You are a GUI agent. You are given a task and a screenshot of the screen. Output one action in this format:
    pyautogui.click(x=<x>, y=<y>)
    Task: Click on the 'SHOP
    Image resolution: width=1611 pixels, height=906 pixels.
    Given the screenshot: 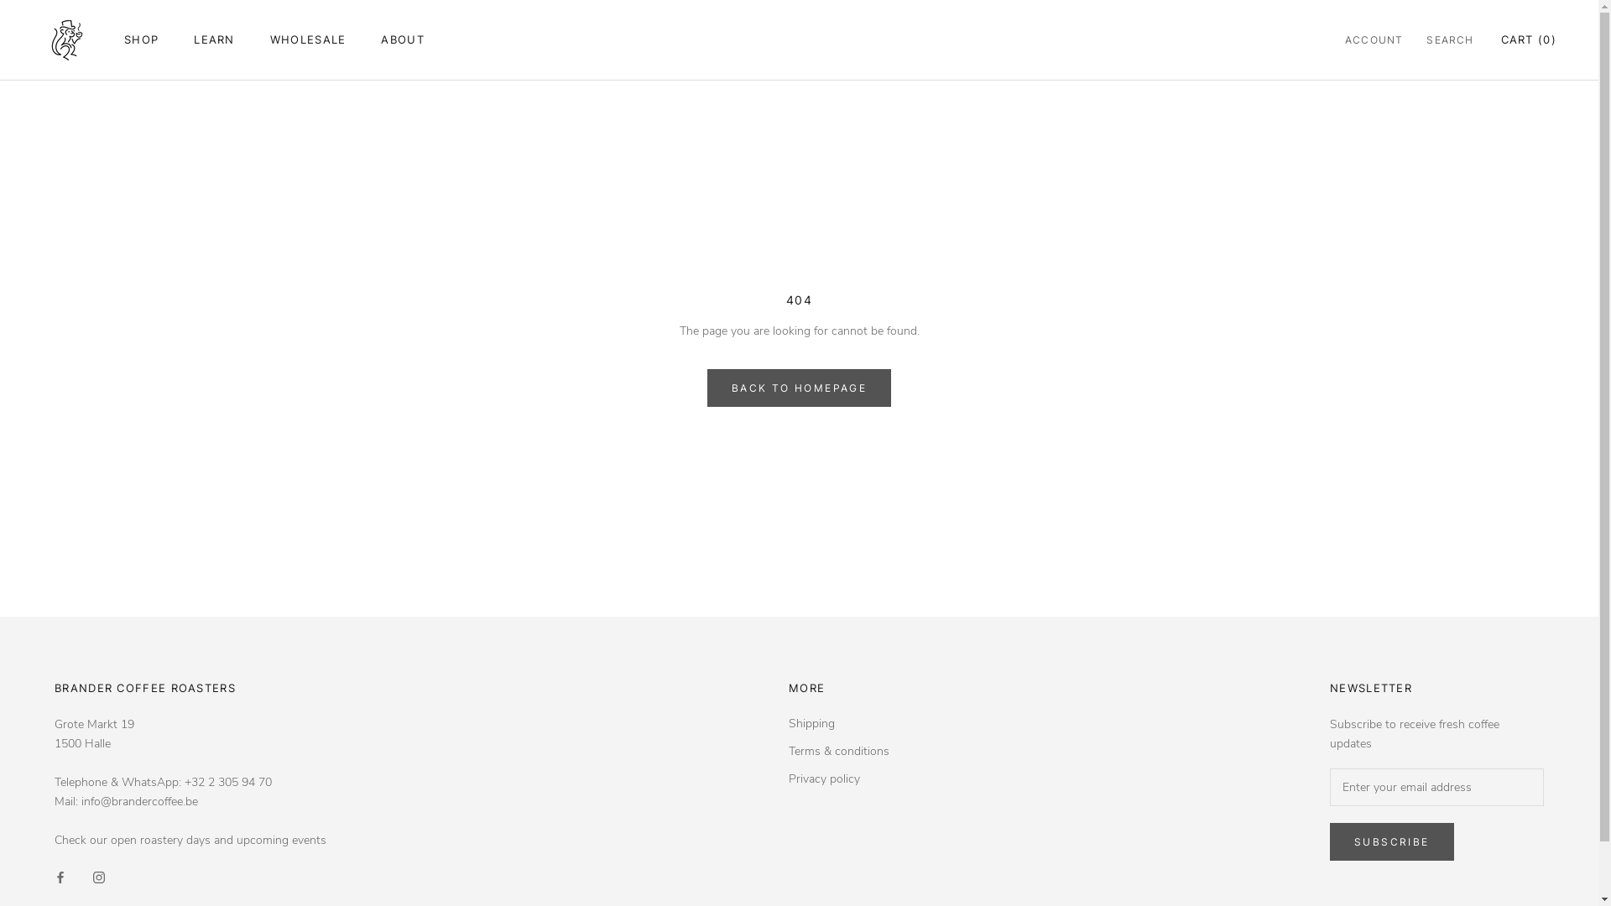 What is the action you would take?
    pyautogui.click(x=141, y=38)
    